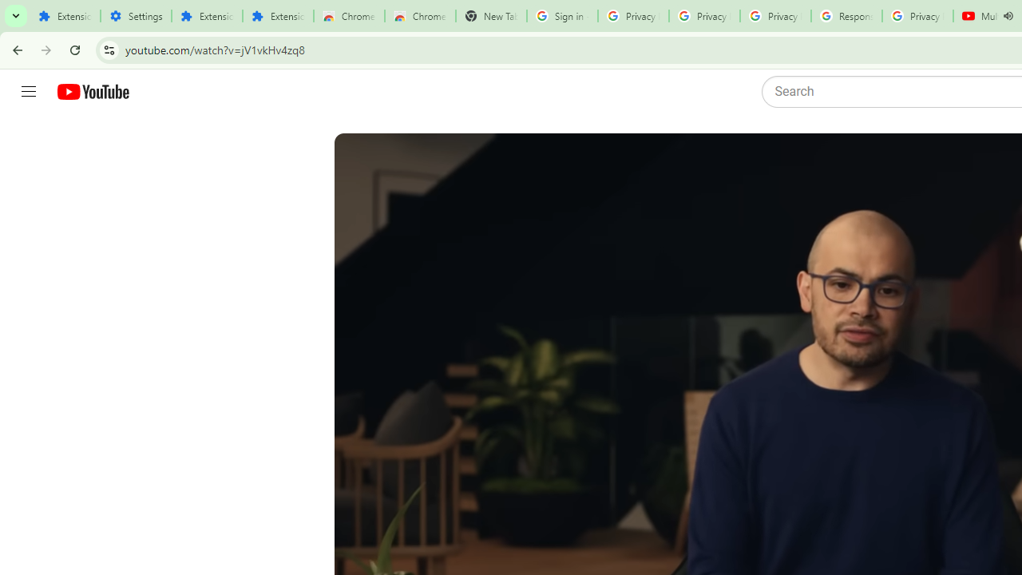 This screenshot has width=1022, height=575. I want to click on 'Settings', so click(136, 16).